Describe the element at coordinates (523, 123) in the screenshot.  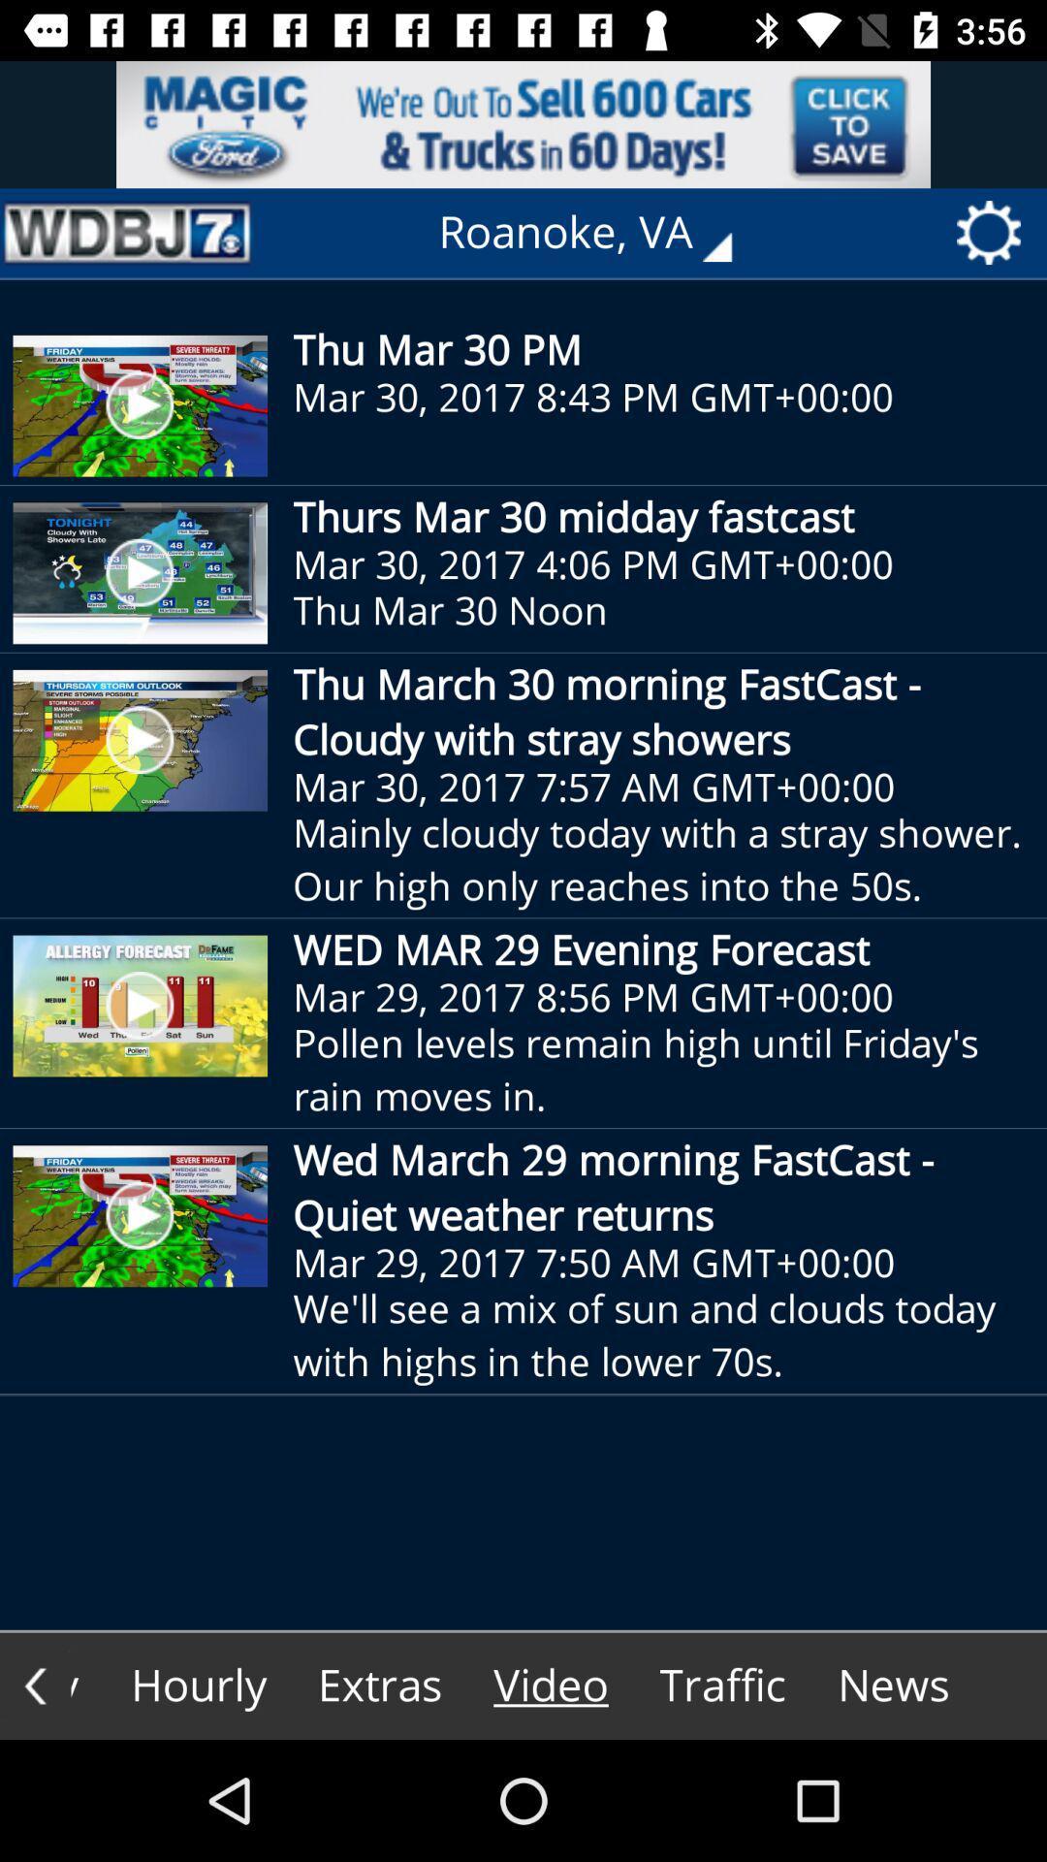
I see `the advertisement option above` at that location.